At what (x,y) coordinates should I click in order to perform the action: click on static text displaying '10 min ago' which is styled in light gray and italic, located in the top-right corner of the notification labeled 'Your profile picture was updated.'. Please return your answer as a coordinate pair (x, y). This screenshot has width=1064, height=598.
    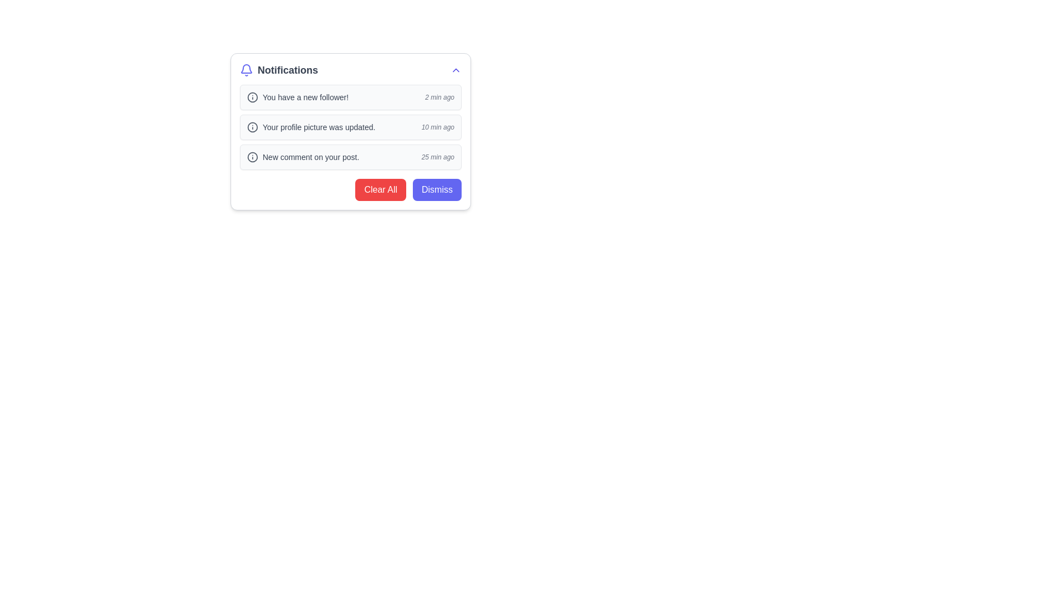
    Looking at the image, I should click on (437, 127).